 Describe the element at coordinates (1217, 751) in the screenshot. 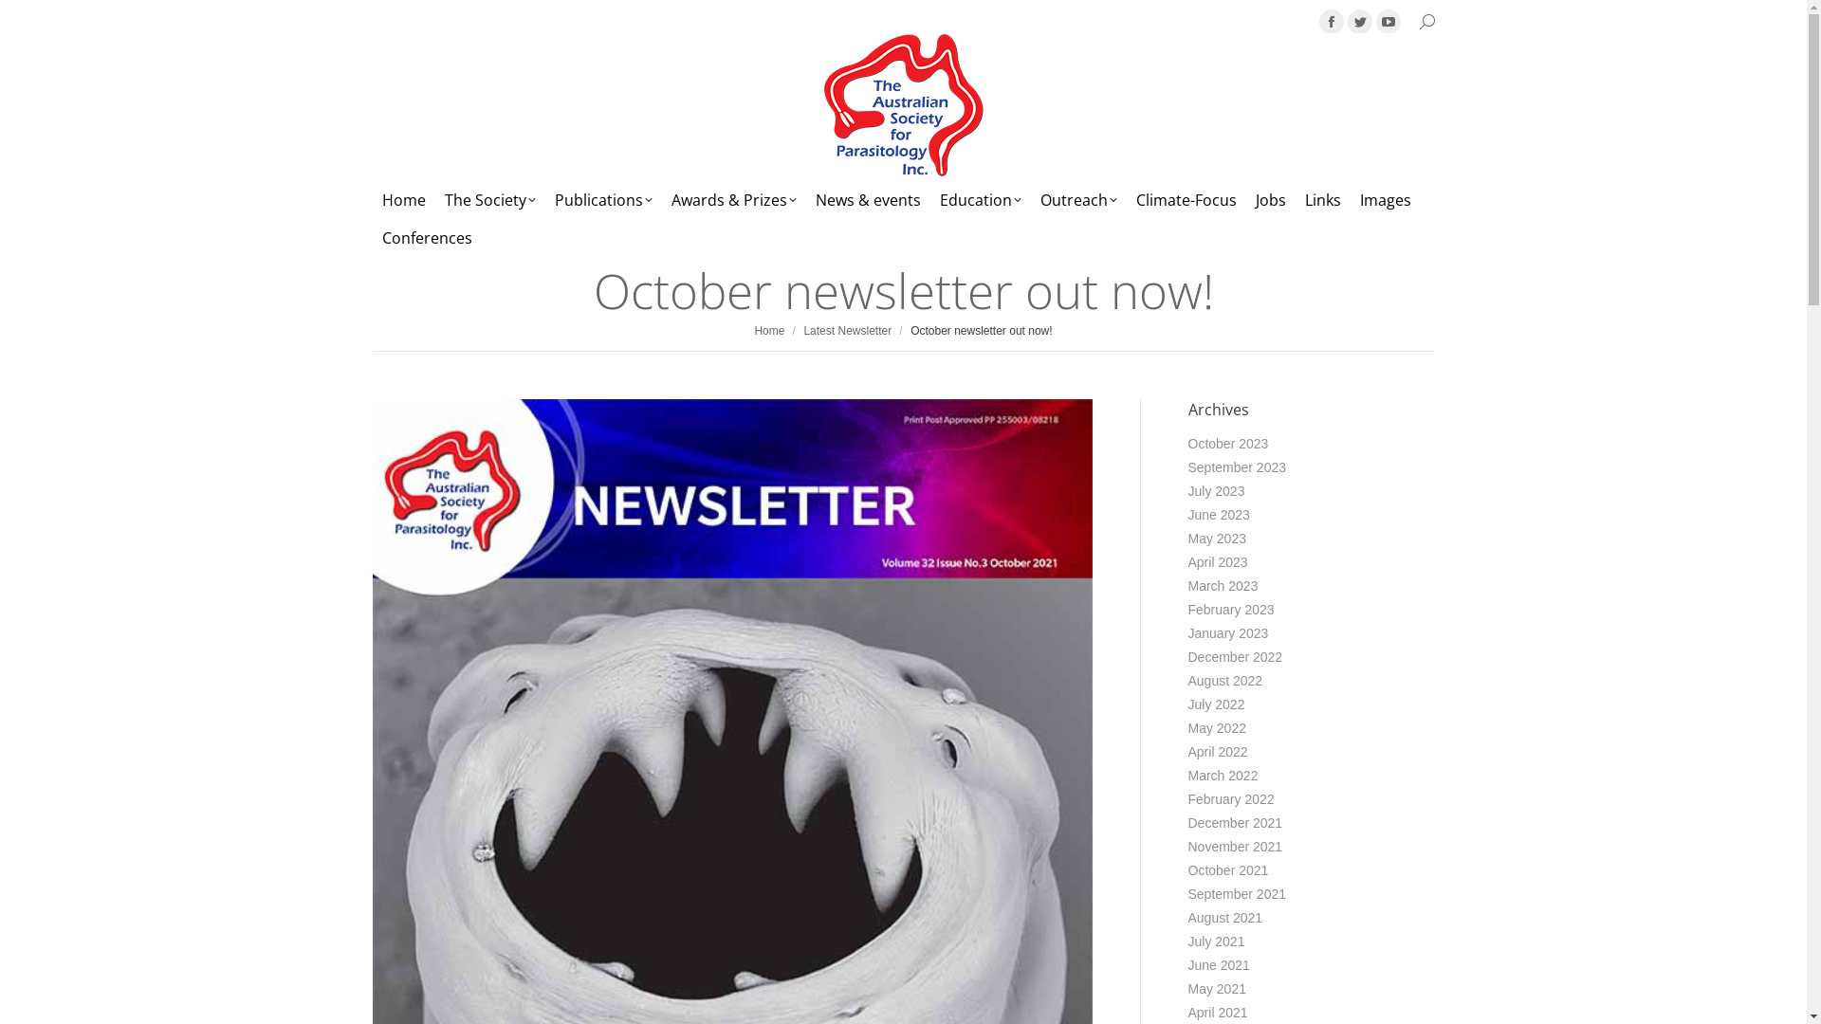

I see `'April 2022'` at that location.